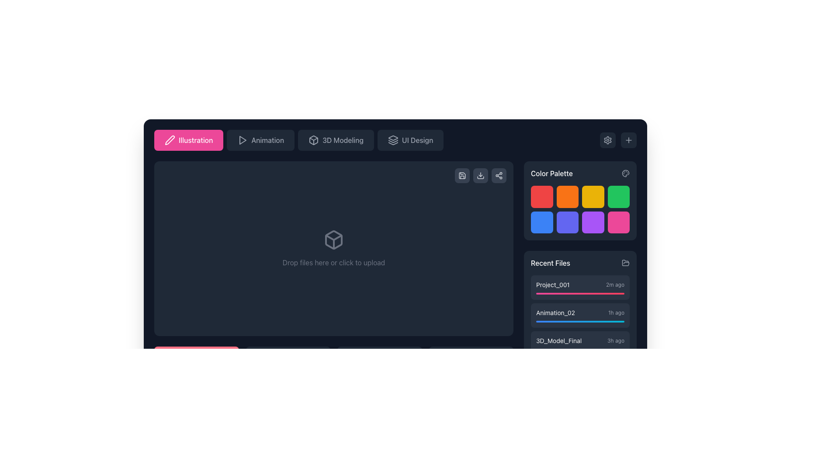 The image size is (839, 472). I want to click on the fourth button from the left in the horizontal menu bar, so click(410, 139).